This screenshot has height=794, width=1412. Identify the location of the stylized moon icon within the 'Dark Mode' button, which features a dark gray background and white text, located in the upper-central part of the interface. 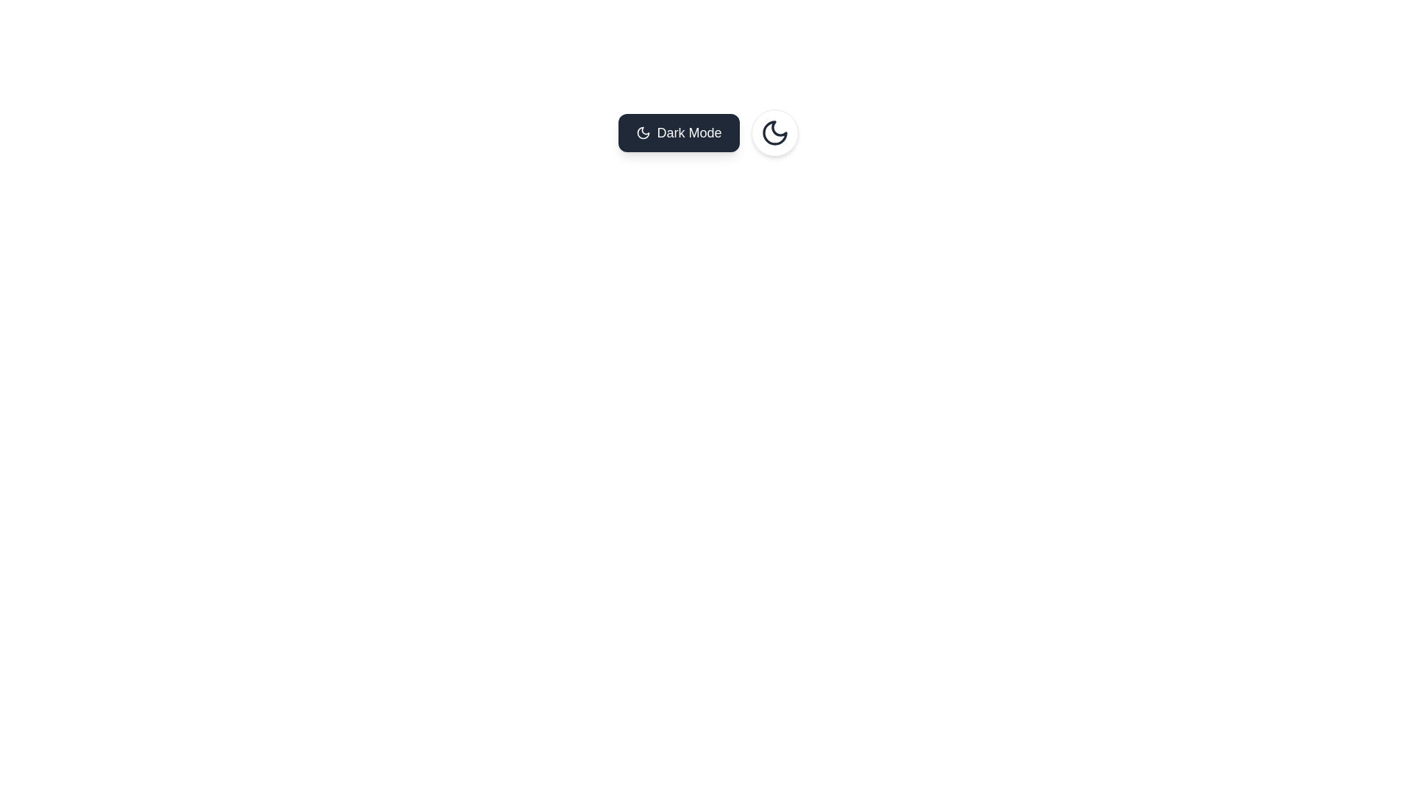
(643, 133).